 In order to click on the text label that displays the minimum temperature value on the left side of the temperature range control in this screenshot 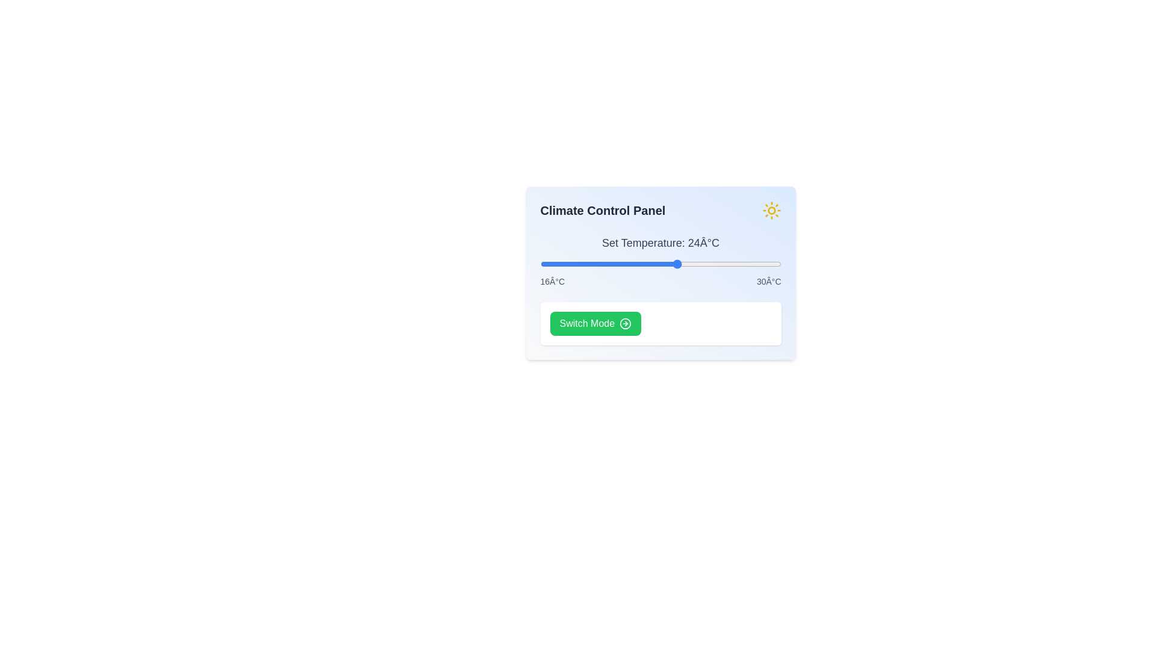, I will do `click(552, 281)`.